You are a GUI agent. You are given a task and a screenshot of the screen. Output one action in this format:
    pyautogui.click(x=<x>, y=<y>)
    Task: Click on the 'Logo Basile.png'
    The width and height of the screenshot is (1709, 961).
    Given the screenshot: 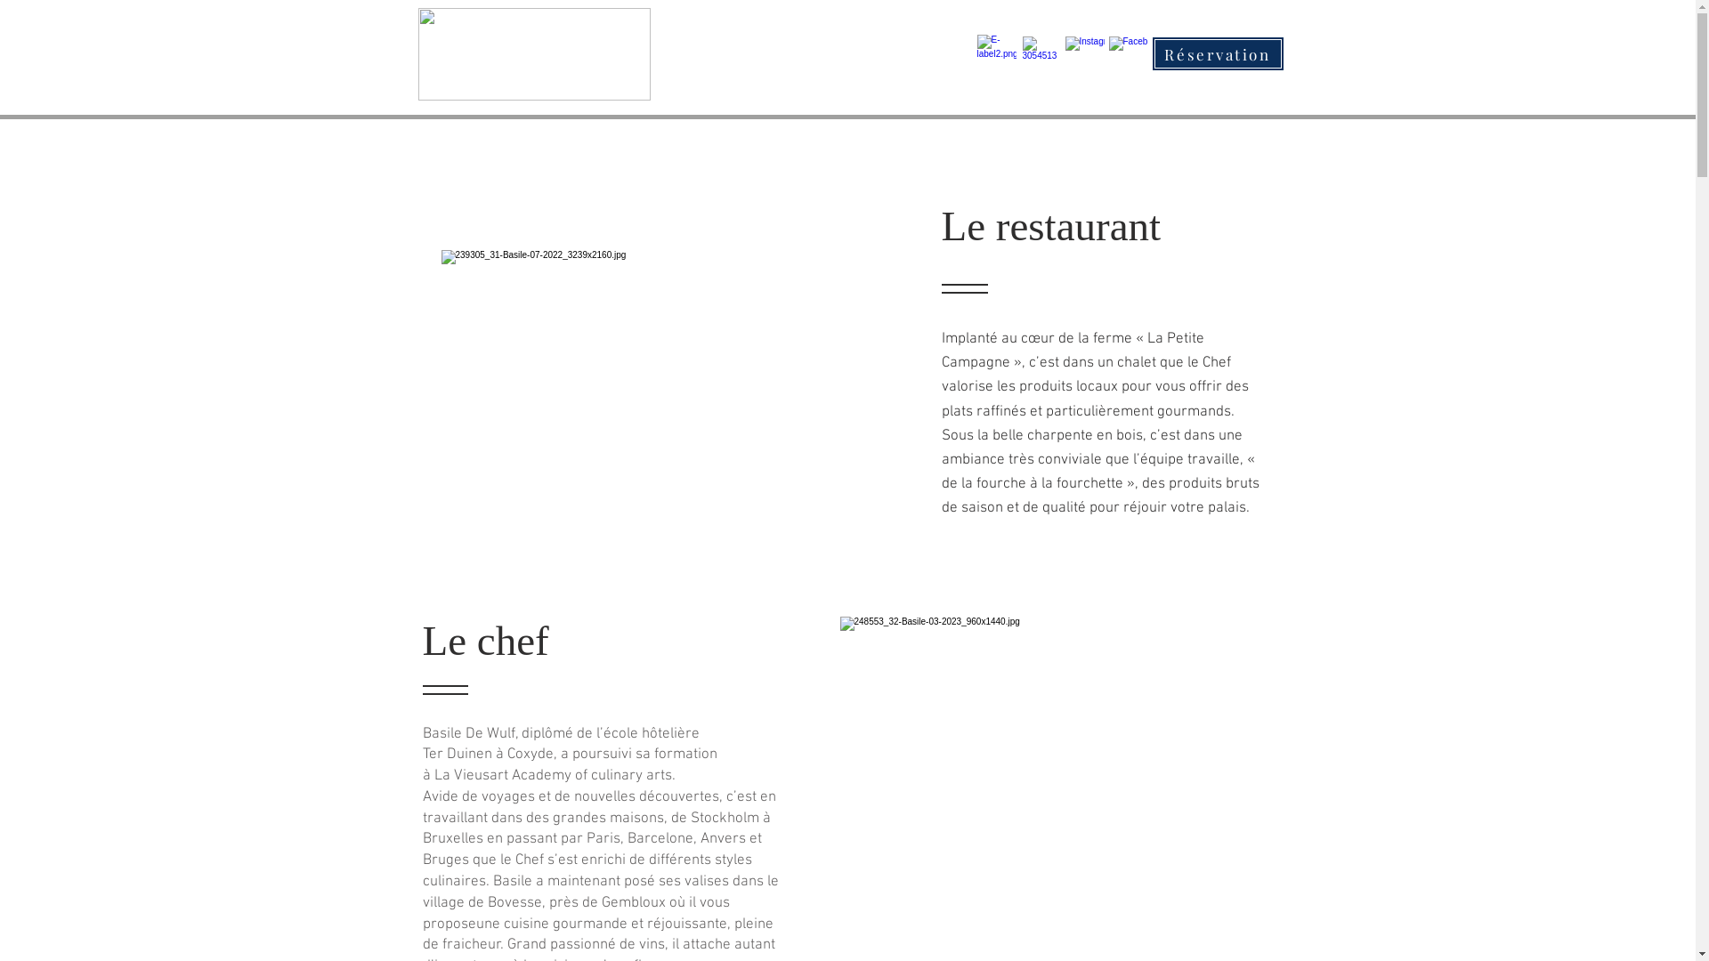 What is the action you would take?
    pyautogui.click(x=533, y=53)
    